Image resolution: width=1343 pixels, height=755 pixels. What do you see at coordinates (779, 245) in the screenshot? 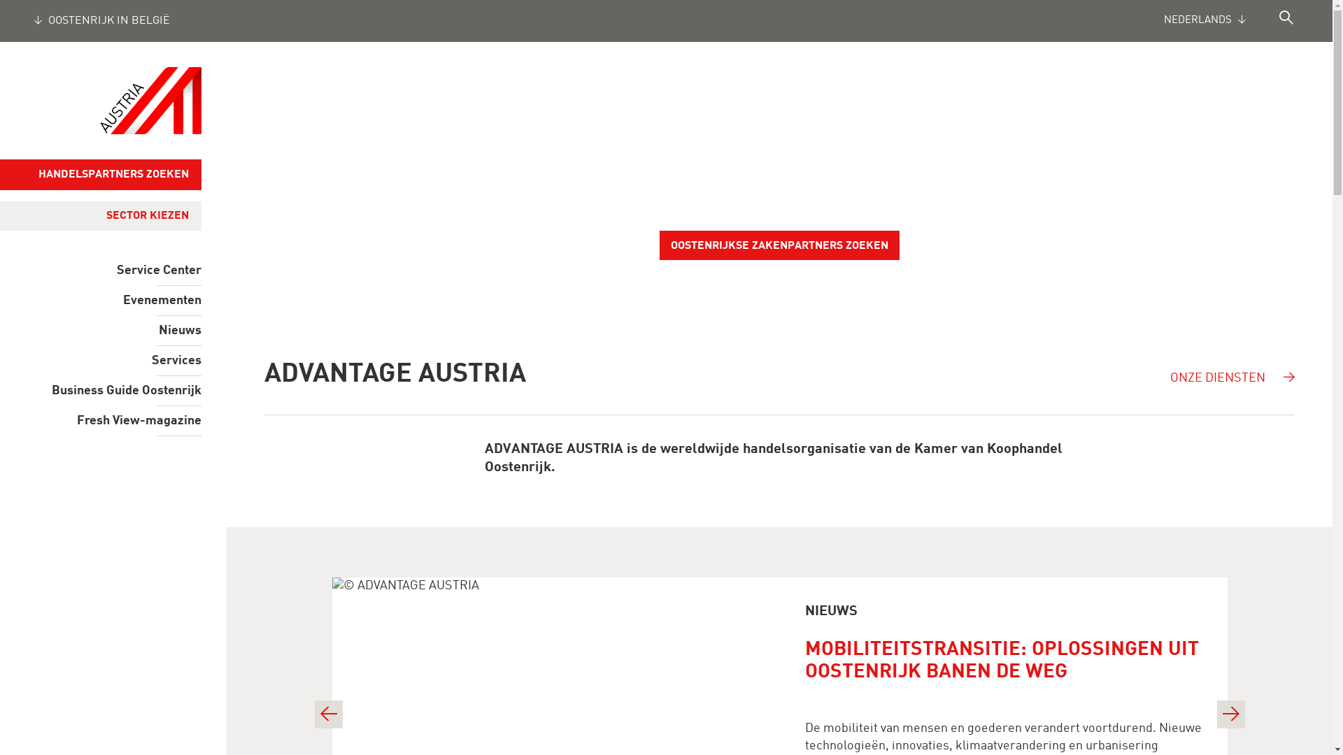
I see `'OOSTENRIJKSE ZAKENPARTNERS ZOEKEN'` at bounding box center [779, 245].